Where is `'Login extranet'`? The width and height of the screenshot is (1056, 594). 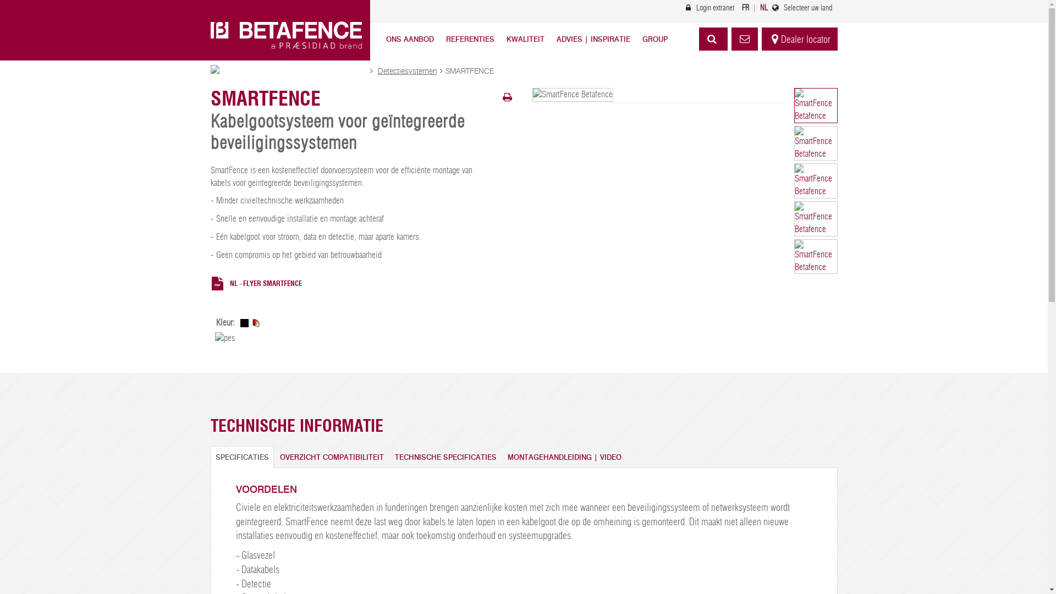 'Login extranet' is located at coordinates (681, 8).